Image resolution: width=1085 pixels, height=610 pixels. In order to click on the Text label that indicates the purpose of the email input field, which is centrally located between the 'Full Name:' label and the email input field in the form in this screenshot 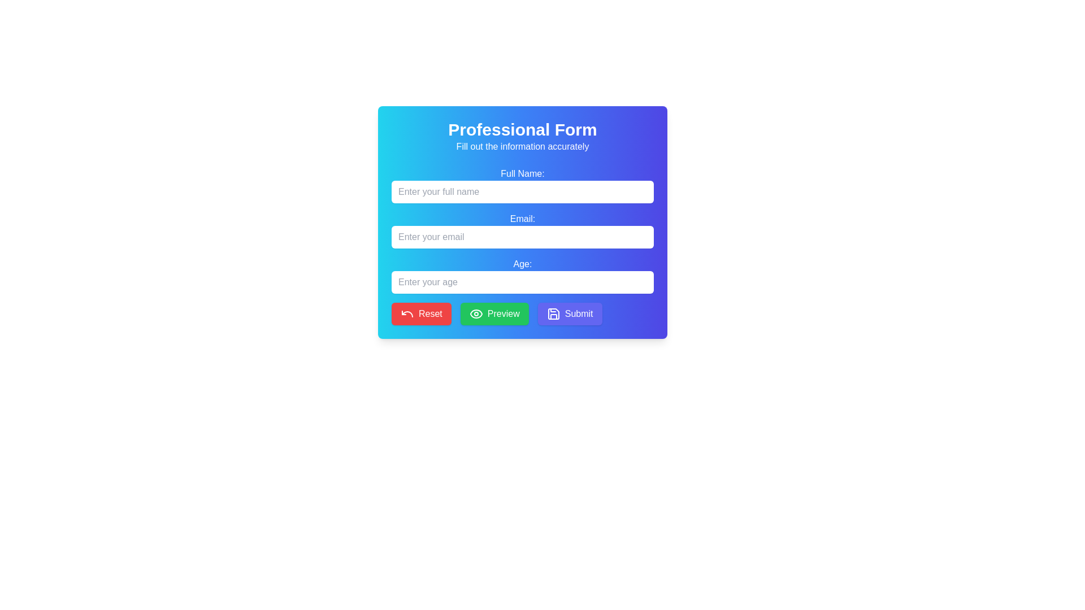, I will do `click(522, 219)`.